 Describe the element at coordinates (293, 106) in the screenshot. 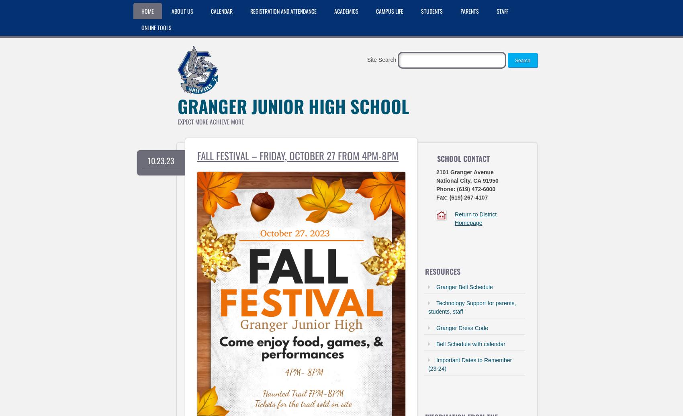

I see `'Granger Junior High School'` at that location.